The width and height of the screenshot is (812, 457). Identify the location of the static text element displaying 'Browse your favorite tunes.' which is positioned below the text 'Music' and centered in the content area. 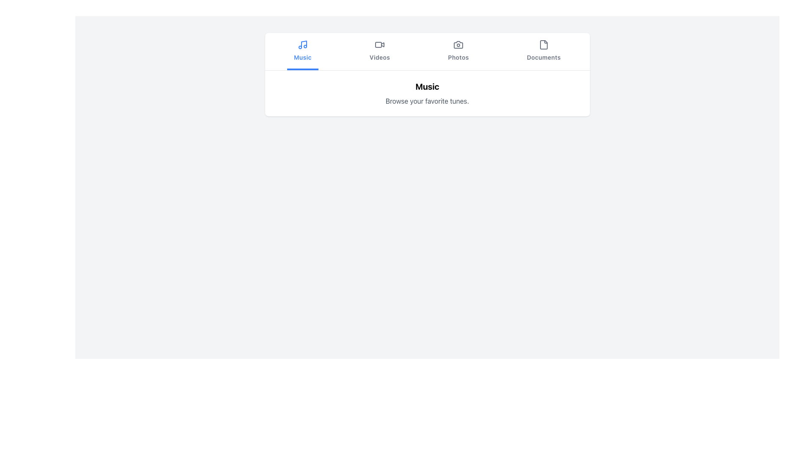
(427, 101).